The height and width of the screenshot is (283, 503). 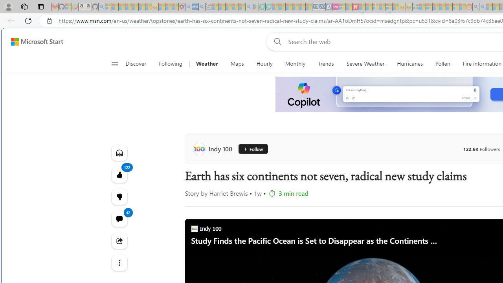 I want to click on 'Terms of Use Agreement - Sleeping', so click(x=262, y=7).